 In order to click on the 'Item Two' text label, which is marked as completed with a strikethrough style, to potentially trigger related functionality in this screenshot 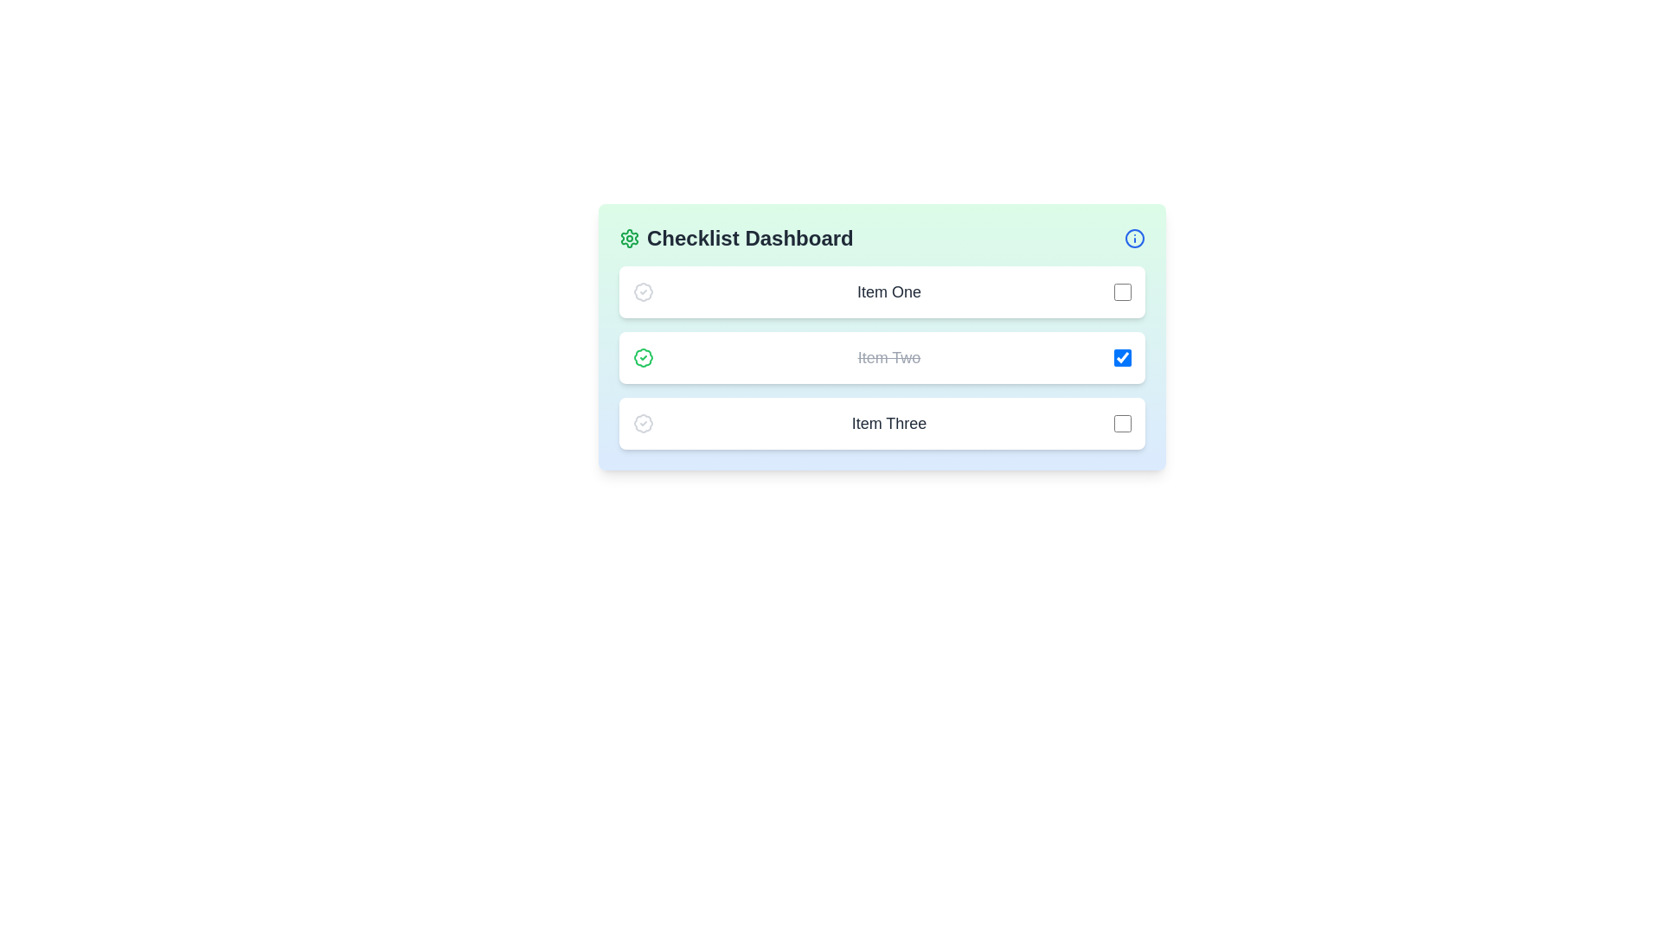, I will do `click(888, 356)`.